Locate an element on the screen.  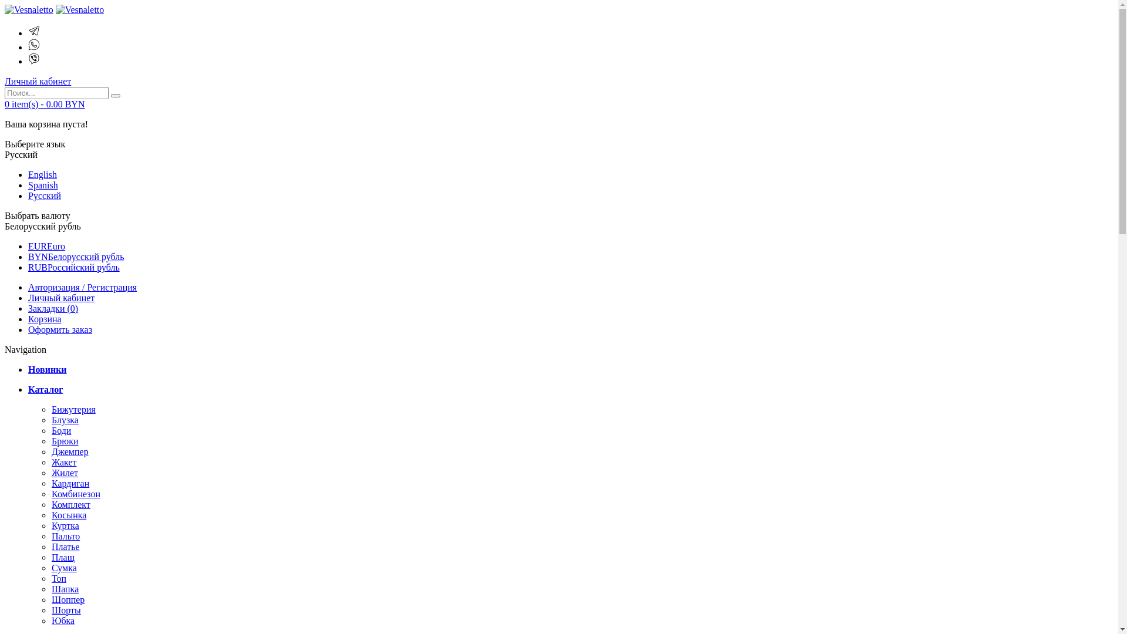
'Vesnaletto' is located at coordinates (29, 9).